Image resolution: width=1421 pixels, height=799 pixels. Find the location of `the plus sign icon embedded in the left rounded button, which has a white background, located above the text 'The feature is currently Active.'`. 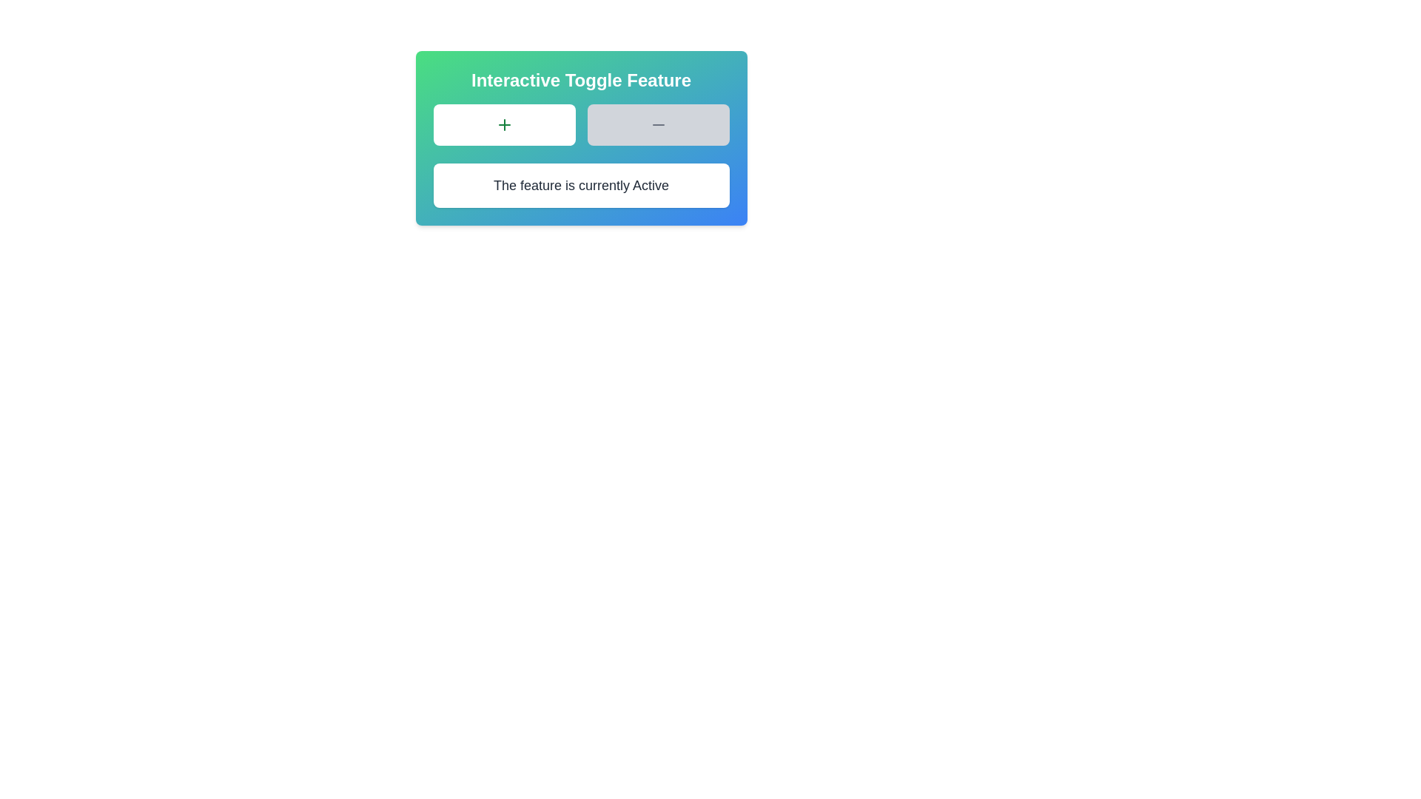

the plus sign icon embedded in the left rounded button, which has a white background, located above the text 'The feature is currently Active.' is located at coordinates (504, 124).